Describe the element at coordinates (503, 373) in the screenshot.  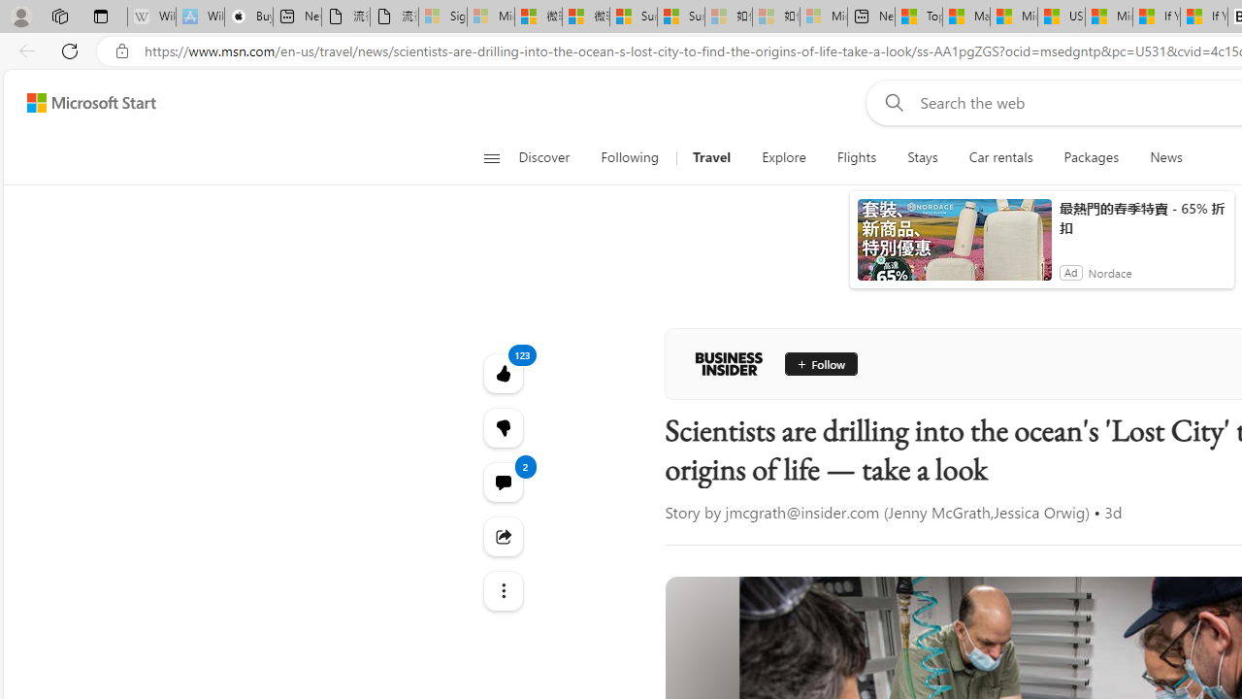
I see `'123 Like'` at that location.